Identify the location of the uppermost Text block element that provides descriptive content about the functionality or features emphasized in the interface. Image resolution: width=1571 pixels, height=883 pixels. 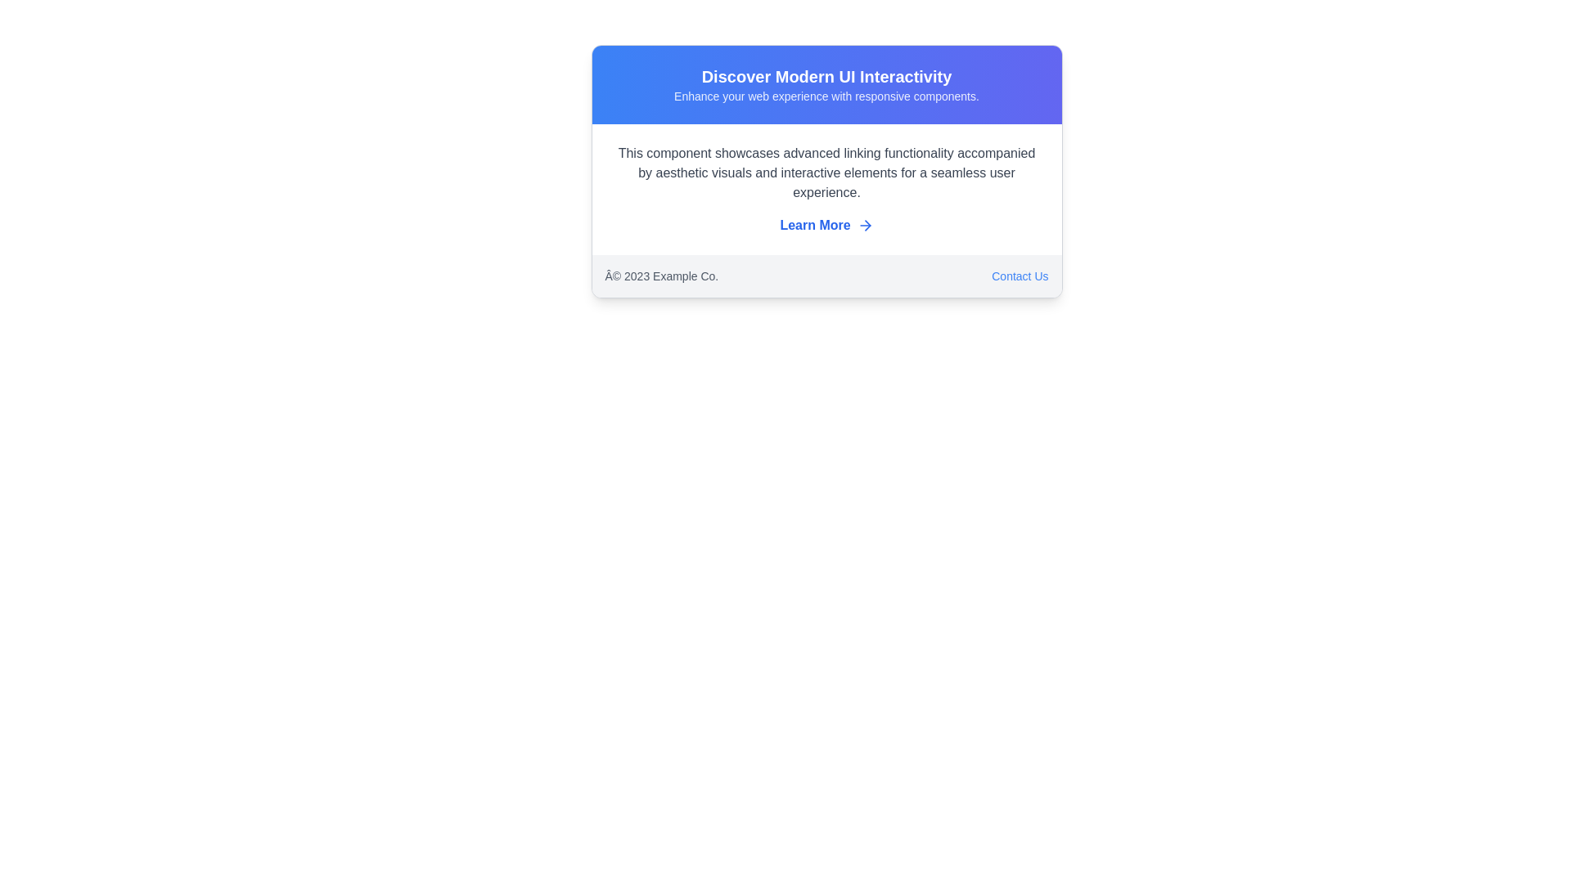
(826, 173).